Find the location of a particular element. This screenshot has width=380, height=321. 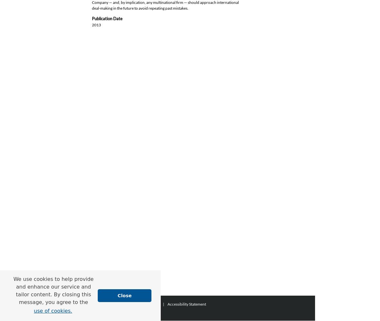

'My Account' is located at coordinates (149, 304).